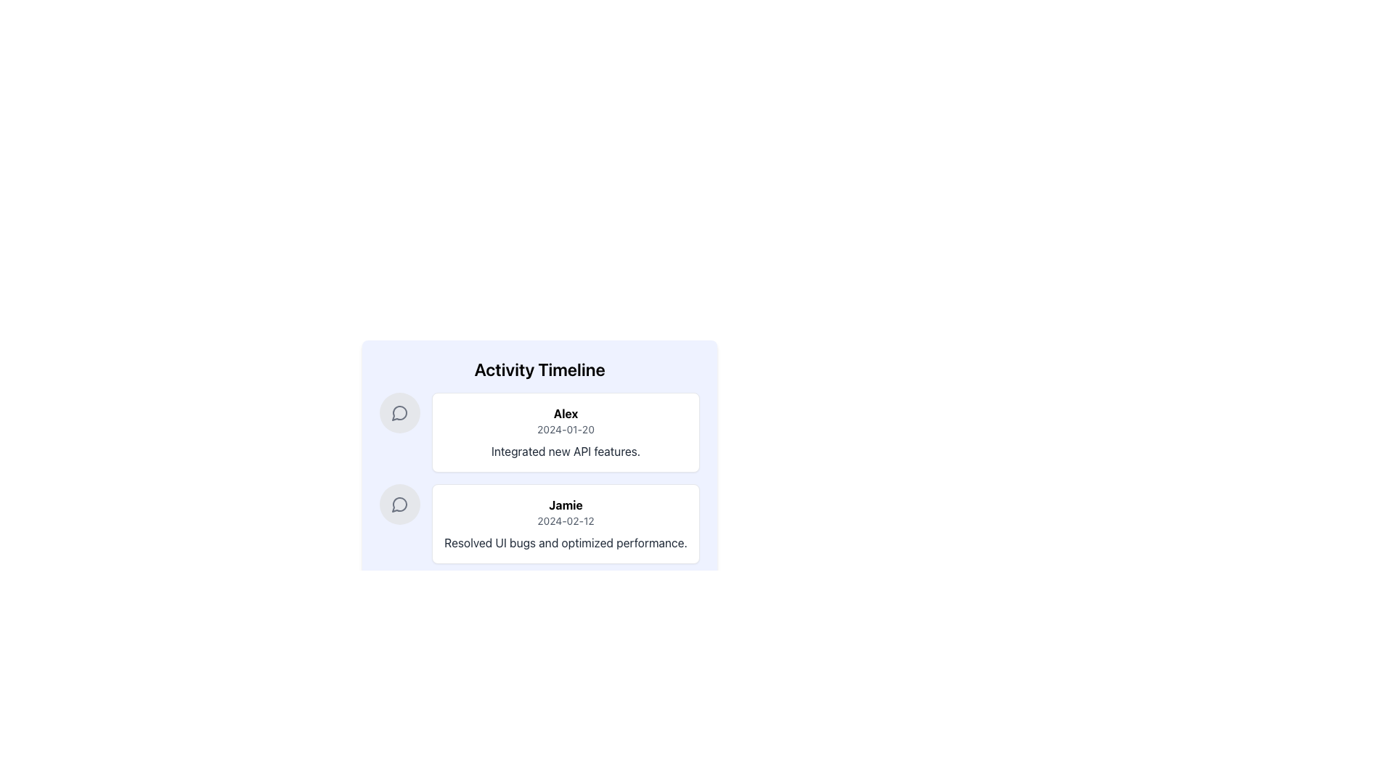 This screenshot has width=1394, height=784. What do you see at coordinates (565, 428) in the screenshot?
I see `the text label displaying the date for user 'Alex' in the 'Activity Timeline' section, located underneath 'Alex' and above 'Integrated new API features'` at bounding box center [565, 428].